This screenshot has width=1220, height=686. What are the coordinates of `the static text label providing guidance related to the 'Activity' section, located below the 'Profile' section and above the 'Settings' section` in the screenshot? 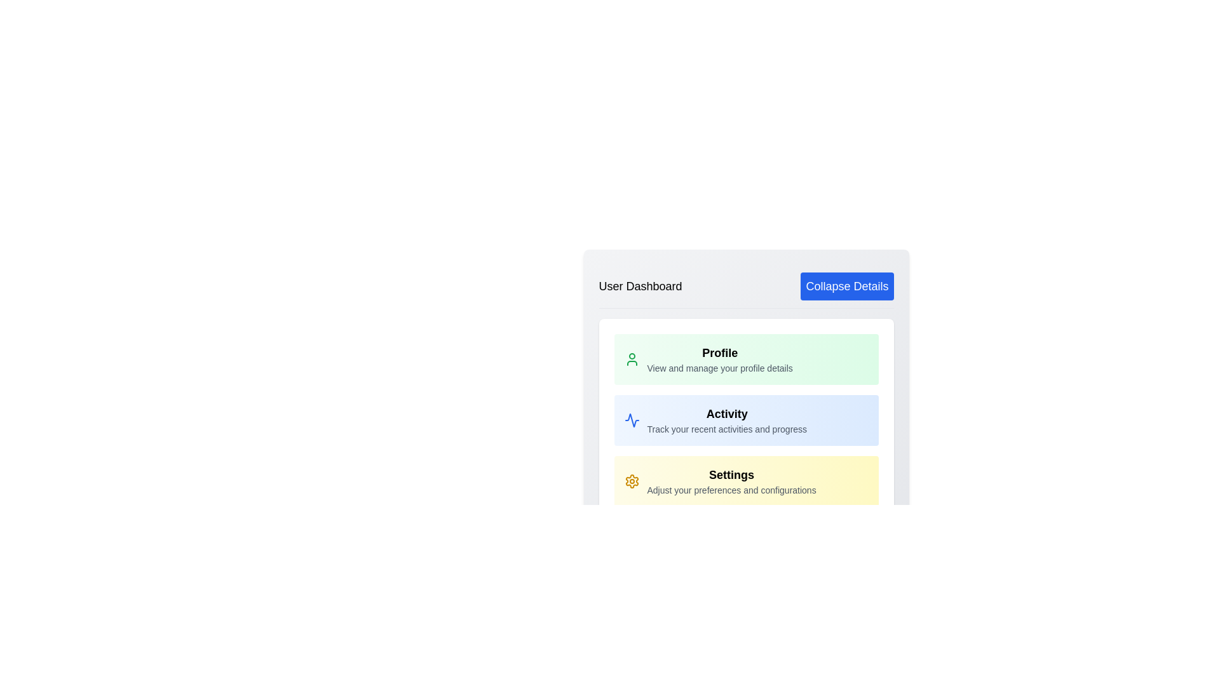 It's located at (727, 429).